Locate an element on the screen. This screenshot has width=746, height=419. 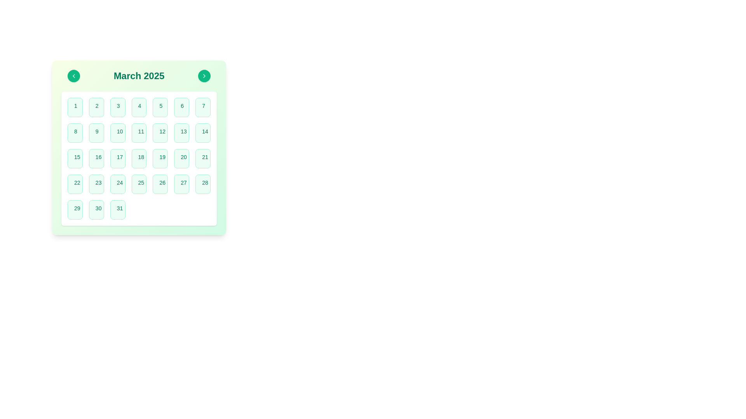
the static text representing the date in the calendar grid located at the 15th position in the 3rd row, 1st column, which is directly below '8' and above '22' is located at coordinates (75, 158).